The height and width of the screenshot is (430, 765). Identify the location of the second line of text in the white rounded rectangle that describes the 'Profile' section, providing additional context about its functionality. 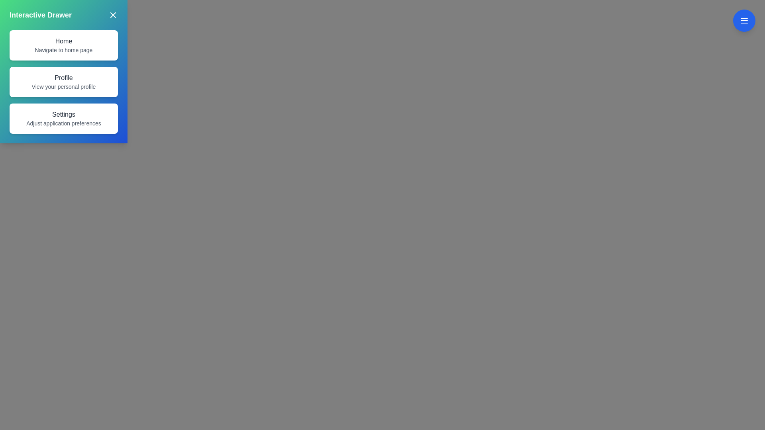
(63, 87).